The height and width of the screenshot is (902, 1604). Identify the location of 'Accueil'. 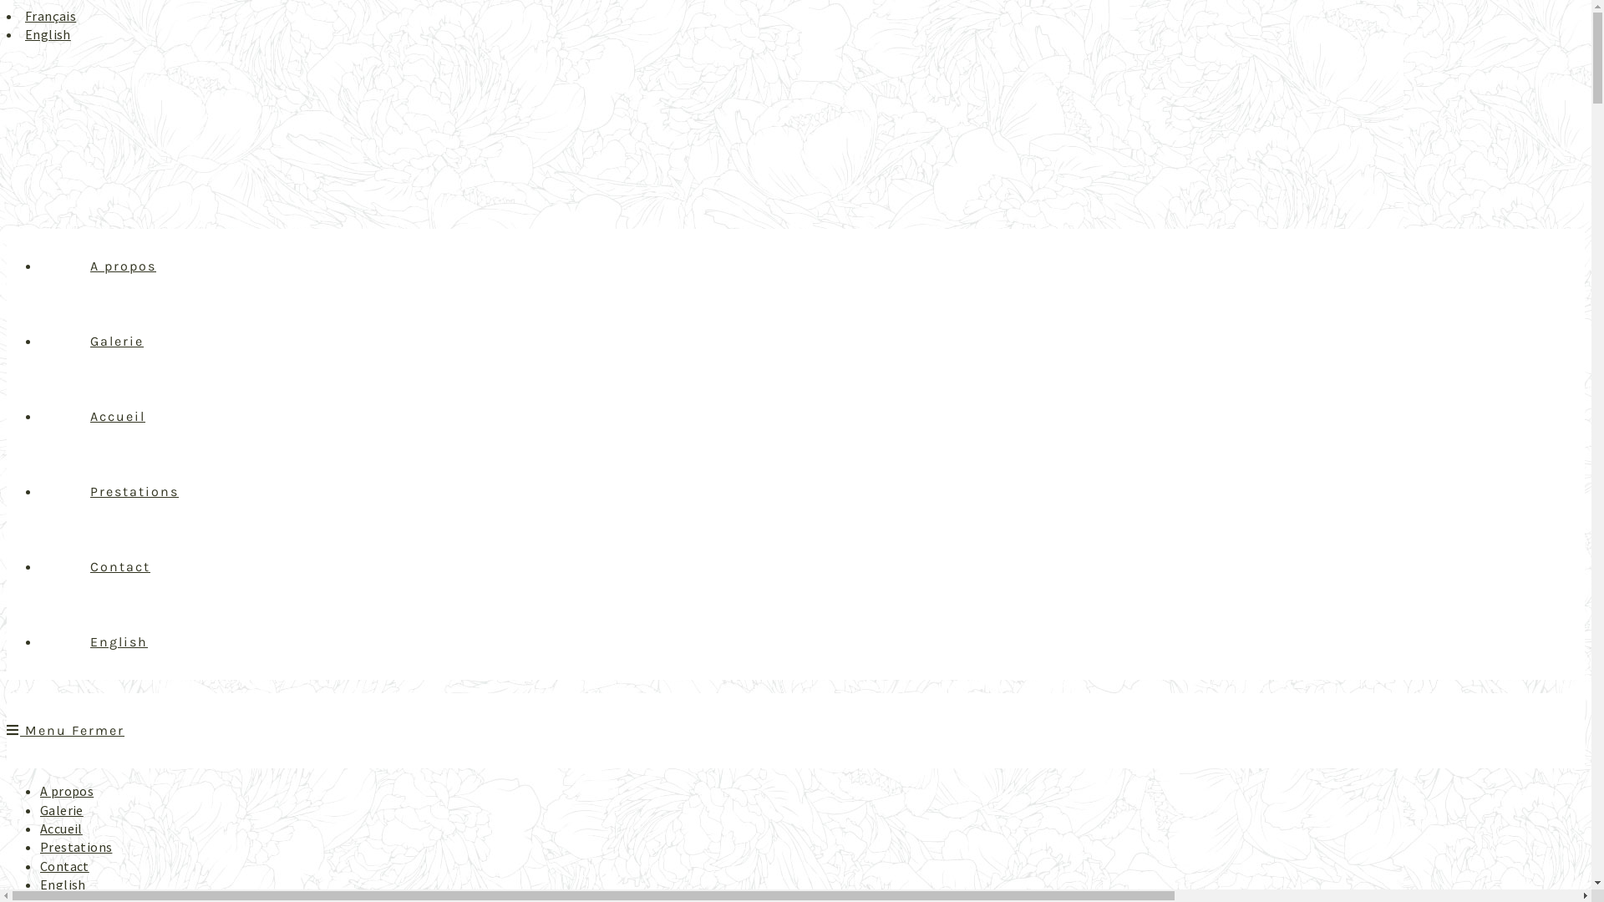
(40, 828).